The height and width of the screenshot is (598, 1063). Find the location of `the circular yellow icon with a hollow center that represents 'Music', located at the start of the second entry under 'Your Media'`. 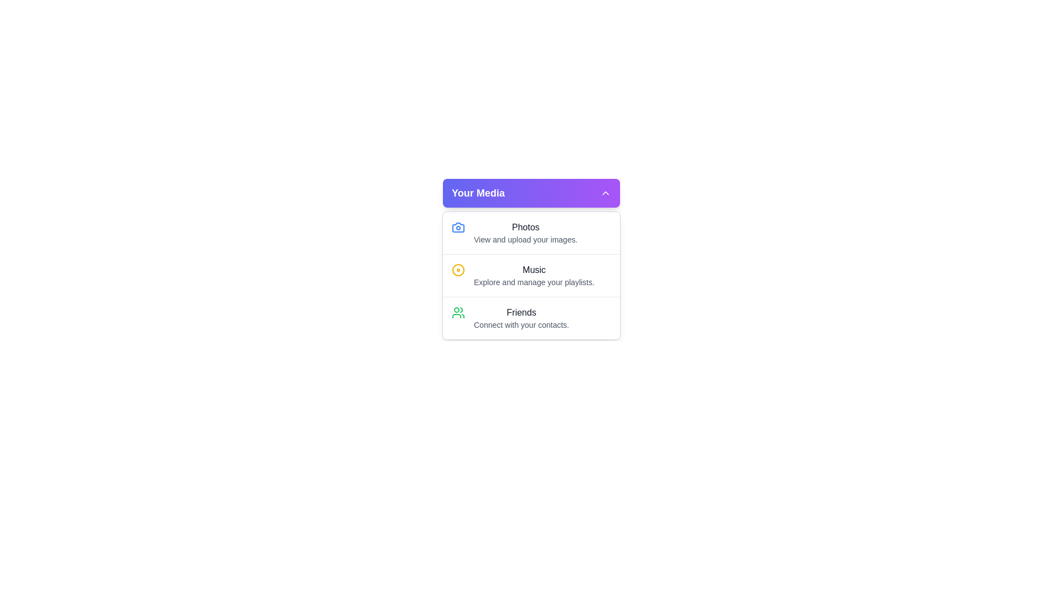

the circular yellow icon with a hollow center that represents 'Music', located at the start of the second entry under 'Your Media' is located at coordinates (458, 270).